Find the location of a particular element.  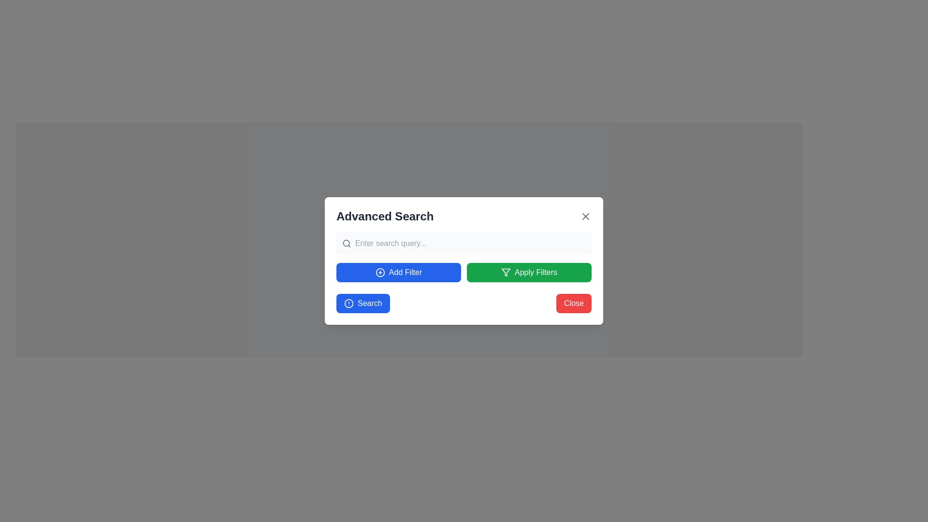

the decorative SVG circle within the 'Add Filter' button, which is the first button from the left in the second row of buttons in the 'Advanced Search' modal is located at coordinates (379, 272).